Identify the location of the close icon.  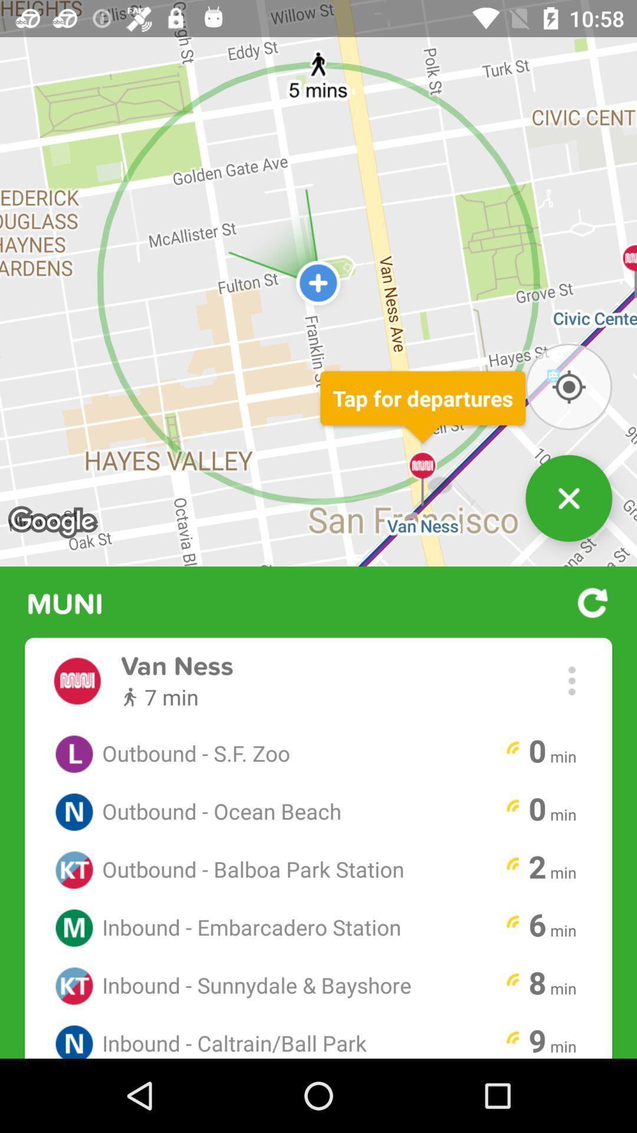
(568, 532).